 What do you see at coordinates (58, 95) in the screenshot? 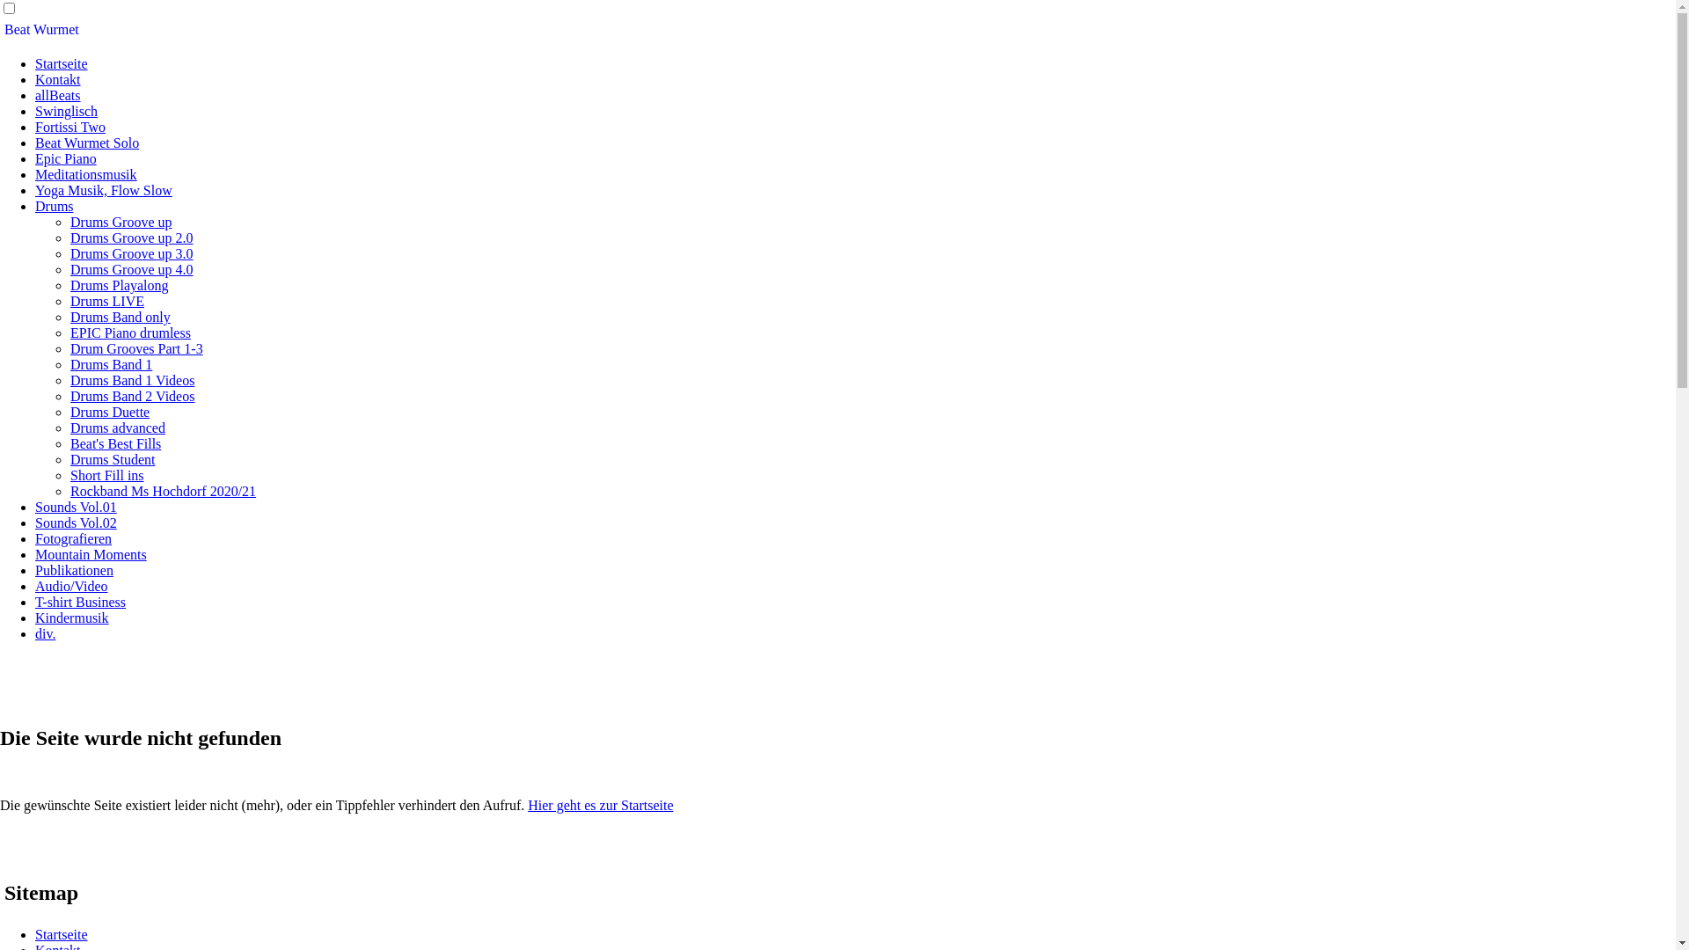
I see `'allBeats'` at bounding box center [58, 95].